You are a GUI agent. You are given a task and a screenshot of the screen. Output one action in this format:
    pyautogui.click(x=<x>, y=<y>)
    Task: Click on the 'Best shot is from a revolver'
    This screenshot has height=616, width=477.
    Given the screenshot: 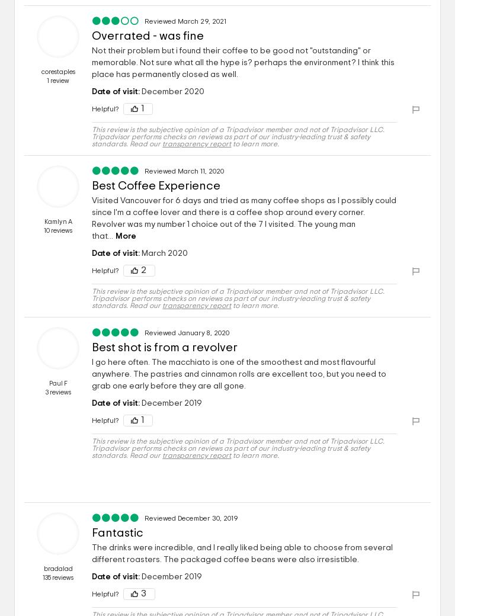 What is the action you would take?
    pyautogui.click(x=164, y=346)
    